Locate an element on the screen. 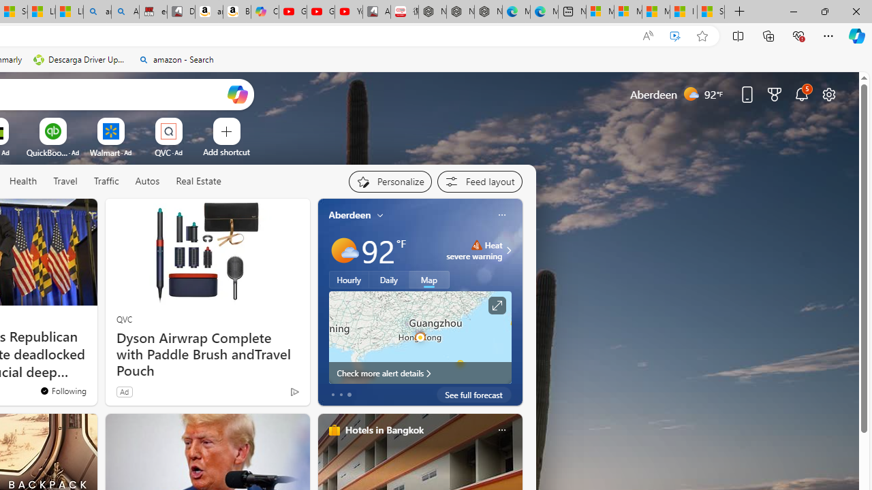 This screenshot has width=872, height=490. 'tab-1' is located at coordinates (341, 394).